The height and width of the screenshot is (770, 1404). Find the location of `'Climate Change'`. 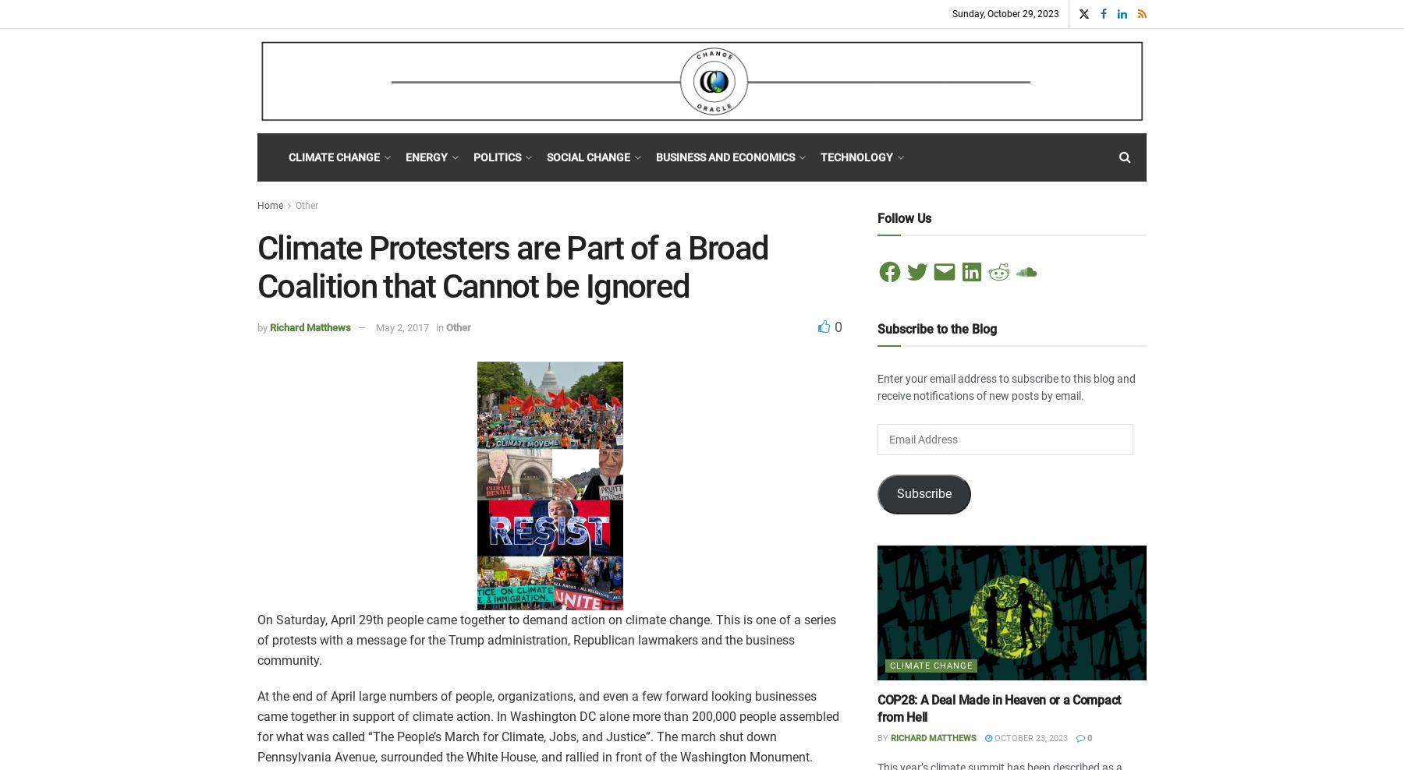

'Climate Change' is located at coordinates (930, 665).